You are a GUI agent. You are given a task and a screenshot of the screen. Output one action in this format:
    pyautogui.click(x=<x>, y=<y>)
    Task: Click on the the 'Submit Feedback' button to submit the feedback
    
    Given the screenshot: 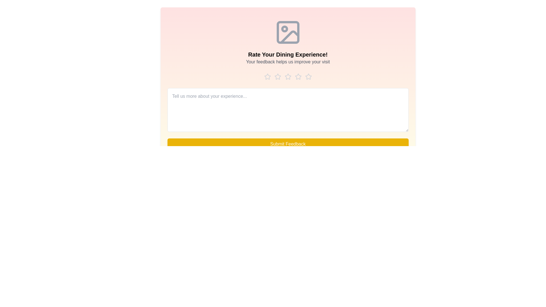 What is the action you would take?
    pyautogui.click(x=288, y=144)
    